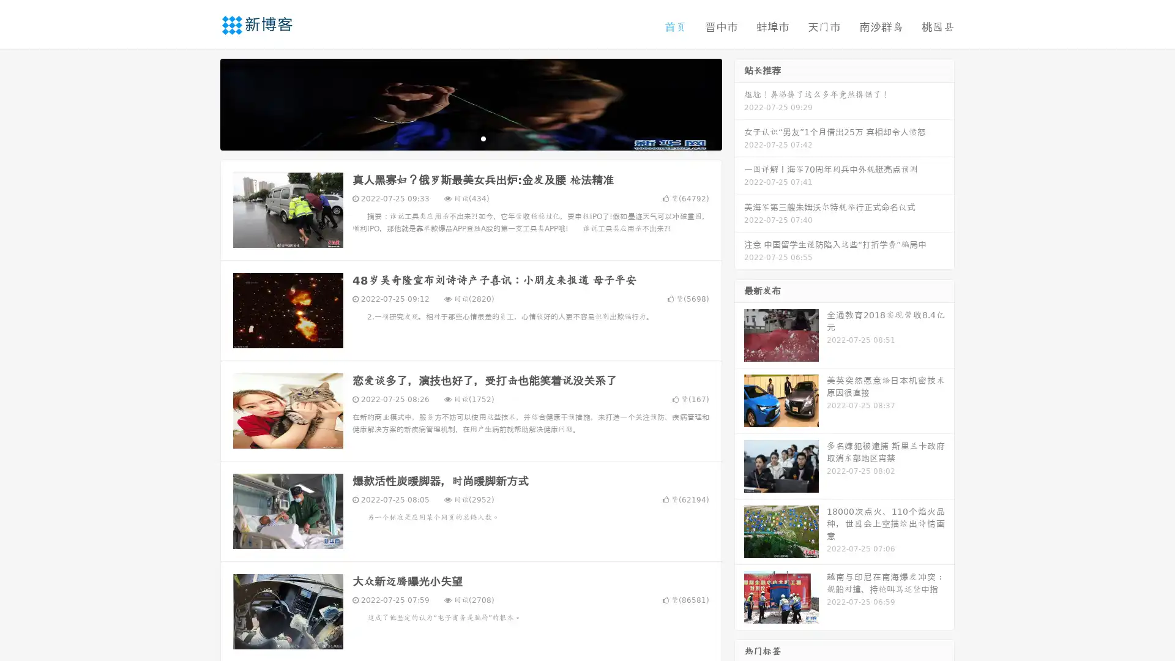 The height and width of the screenshot is (661, 1175). What do you see at coordinates (470, 138) in the screenshot?
I see `Go to slide 2` at bounding box center [470, 138].